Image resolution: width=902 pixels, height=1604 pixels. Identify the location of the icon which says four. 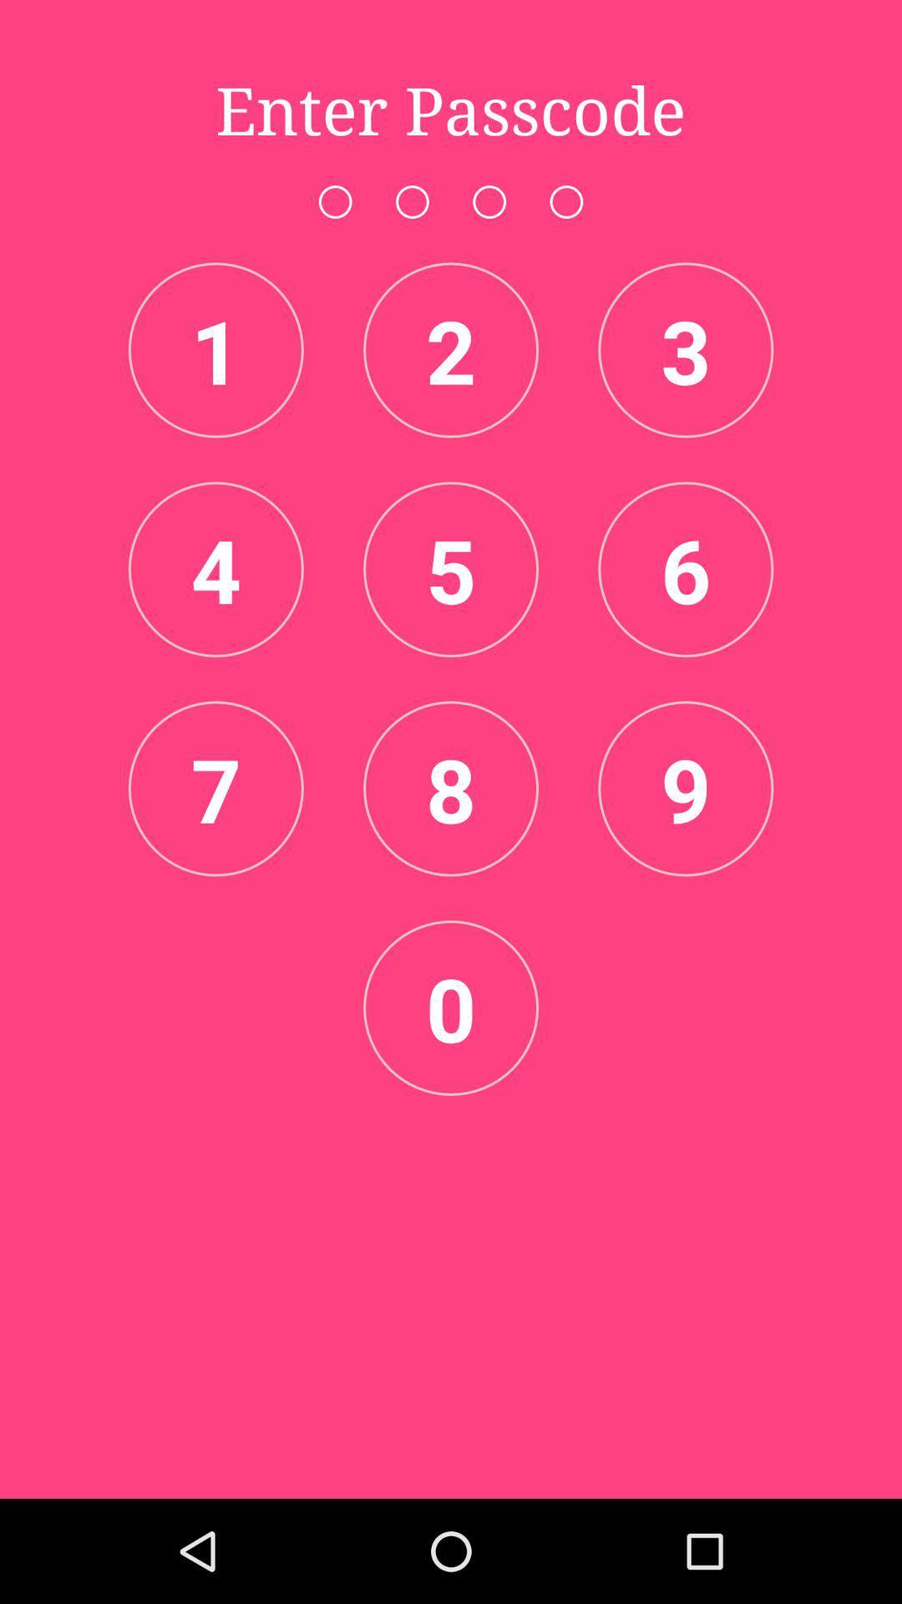
(215, 569).